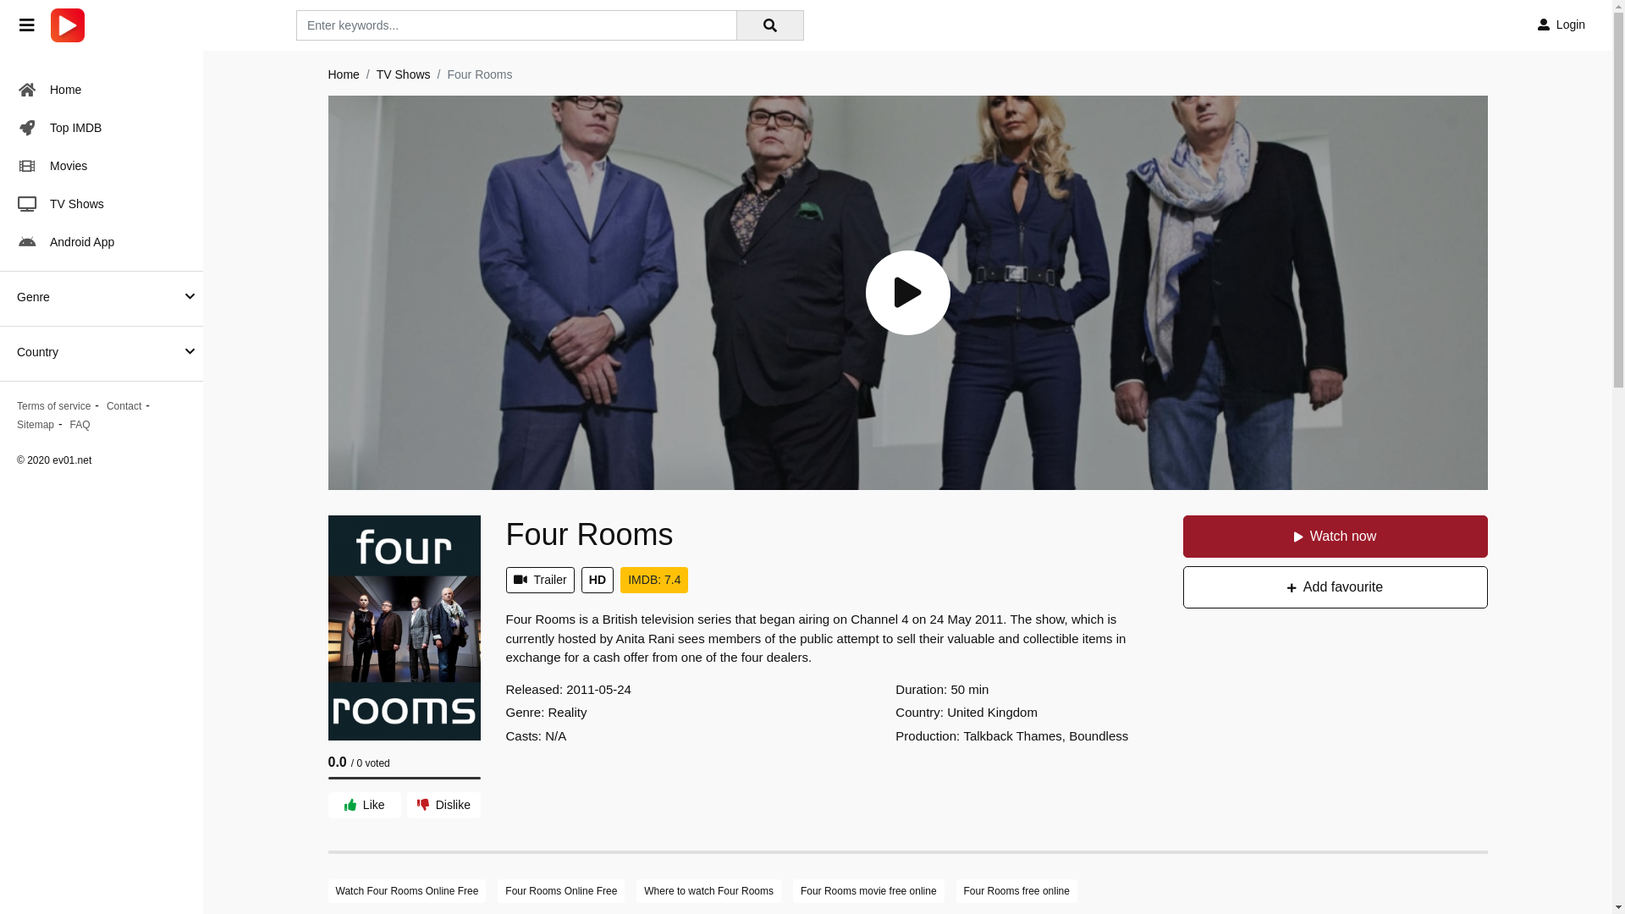 The width and height of the screenshot is (1625, 914). I want to click on 'Android App', so click(101, 241).